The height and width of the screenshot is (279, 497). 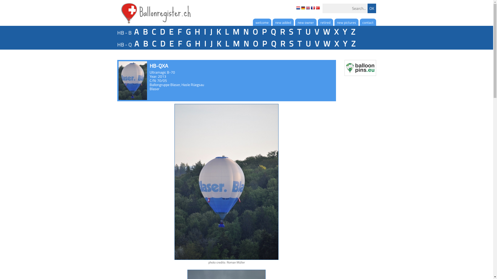 What do you see at coordinates (188, 43) in the screenshot?
I see `'G'` at bounding box center [188, 43].